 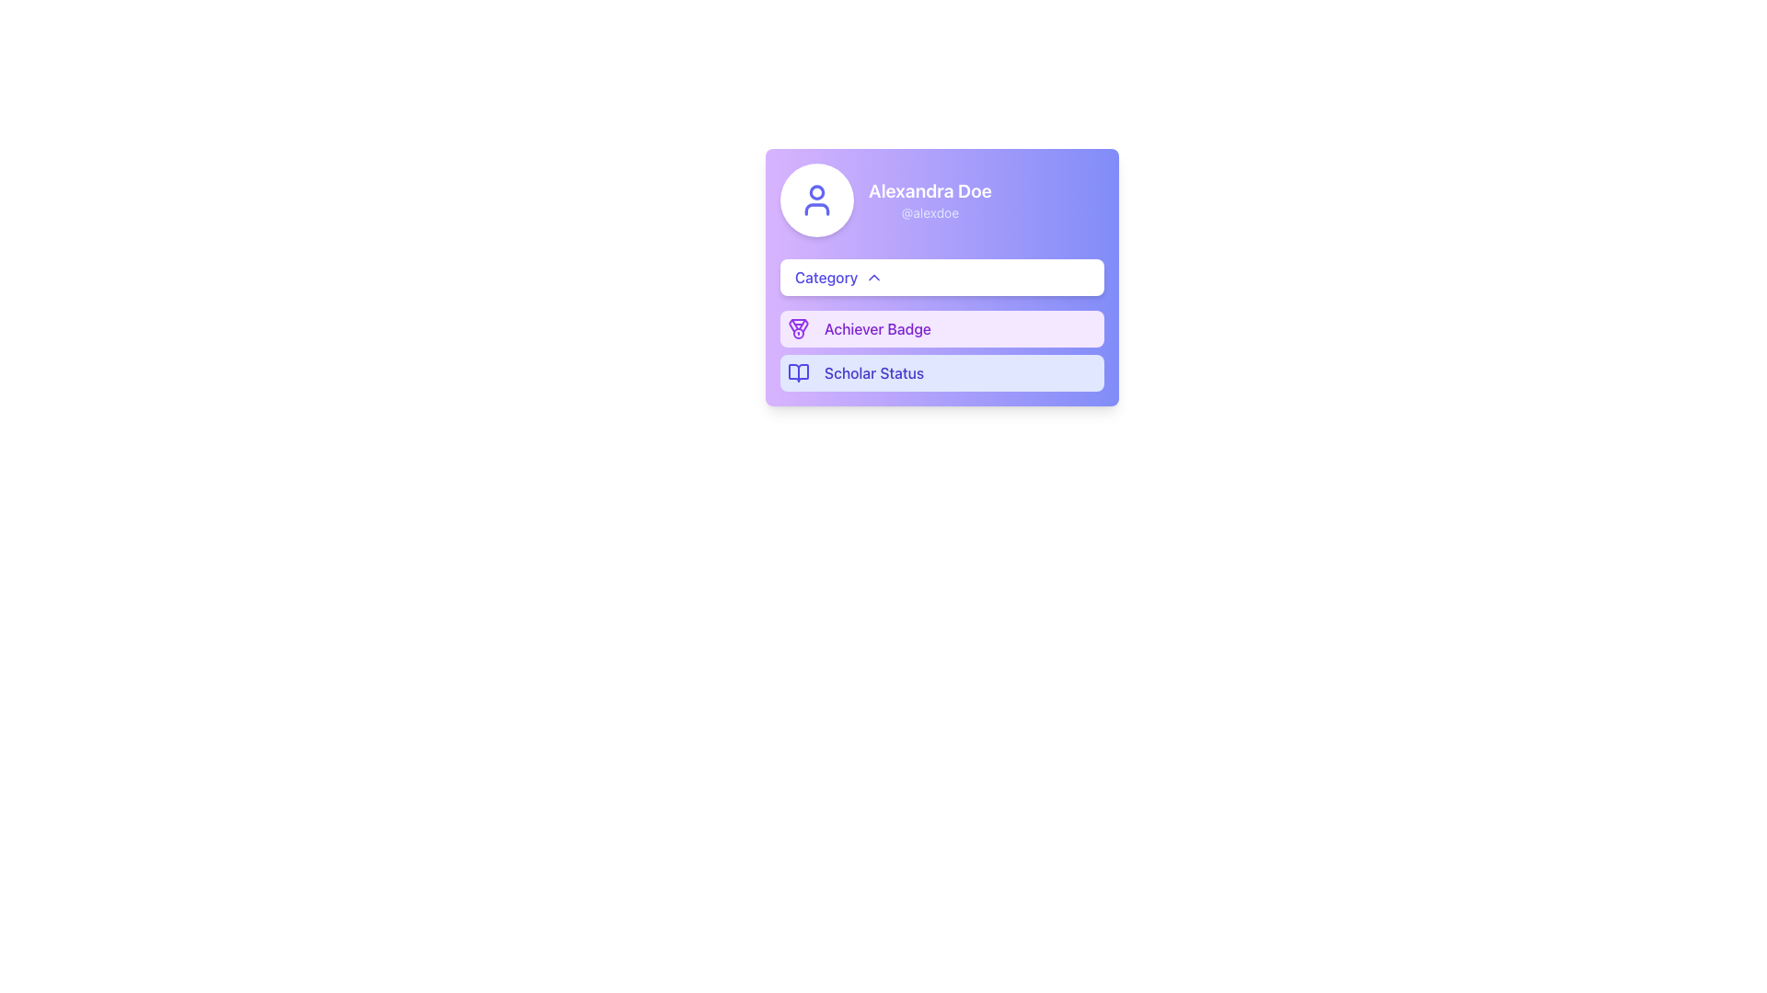 What do you see at coordinates (930, 211) in the screenshot?
I see `the text element displaying '@alexdoe' which is styled in a light indigo shade and located below 'Alexandra Doe'` at bounding box center [930, 211].